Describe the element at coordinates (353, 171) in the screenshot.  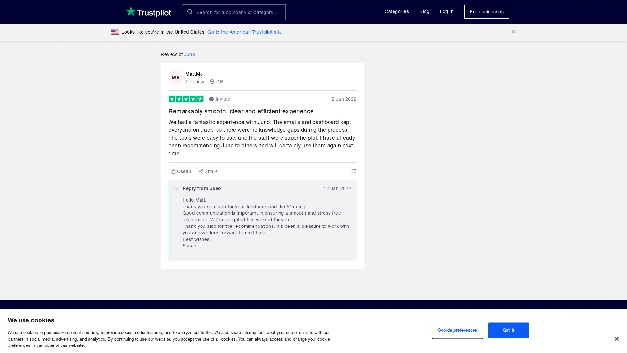
I see `Flag this review` at that location.